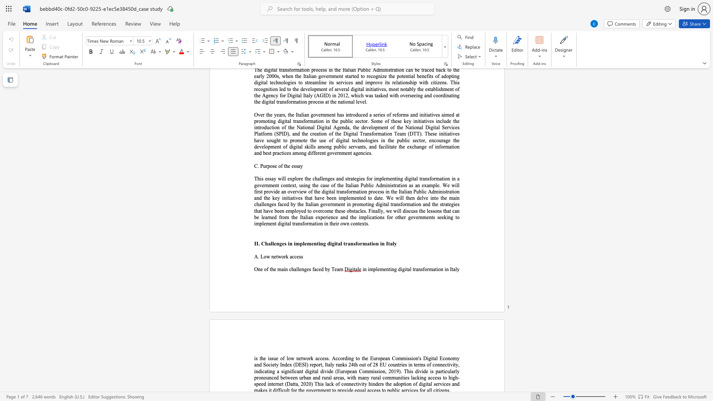 This screenshot has width=713, height=401. What do you see at coordinates (442, 269) in the screenshot?
I see `the 5th character "n" in the text` at bounding box center [442, 269].